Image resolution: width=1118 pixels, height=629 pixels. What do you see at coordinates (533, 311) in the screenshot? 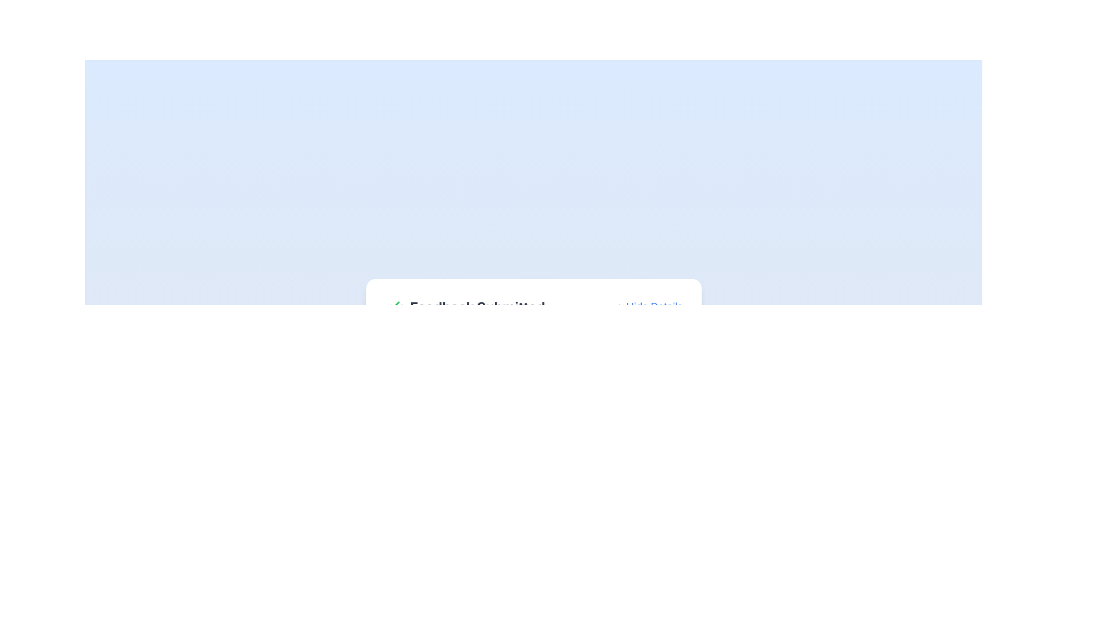
I see `the 'Hide Details' link in the header section that confirms feedback submission` at bounding box center [533, 311].